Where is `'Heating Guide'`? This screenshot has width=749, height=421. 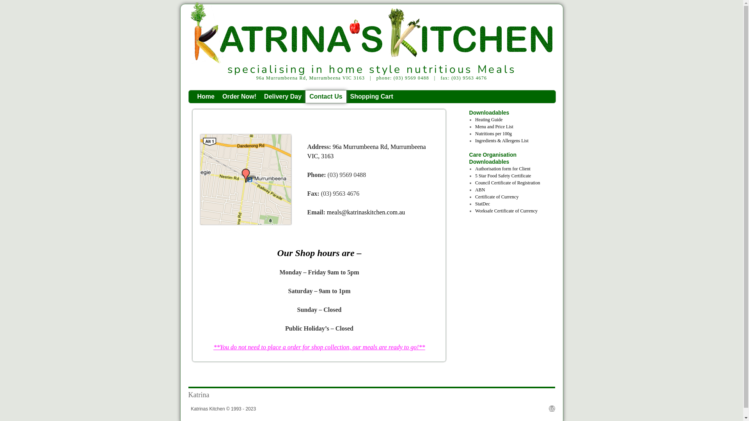 'Heating Guide' is located at coordinates (475, 120).